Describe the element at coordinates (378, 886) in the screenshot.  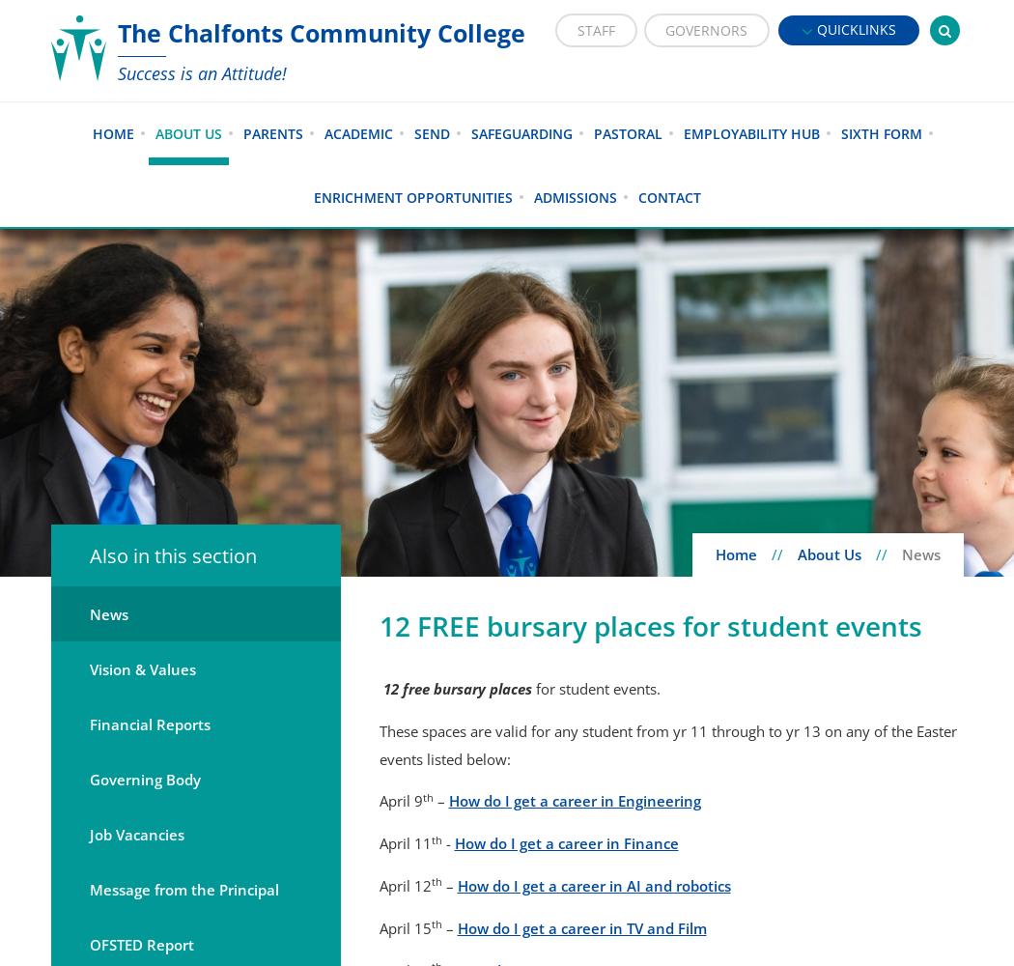
I see `'April 12'` at that location.